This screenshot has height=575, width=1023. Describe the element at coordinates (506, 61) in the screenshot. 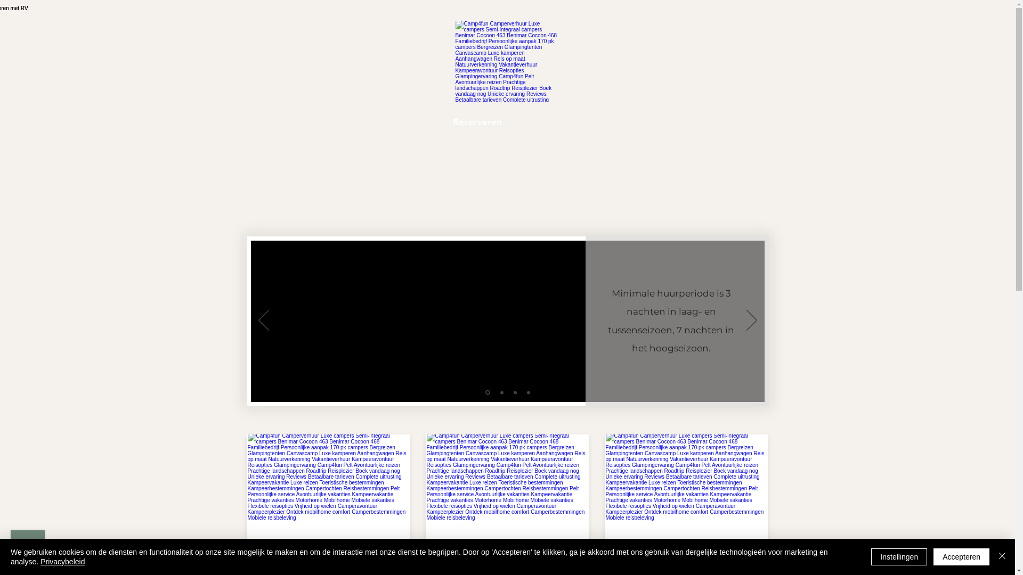

I see `'Camp4fun'` at that location.